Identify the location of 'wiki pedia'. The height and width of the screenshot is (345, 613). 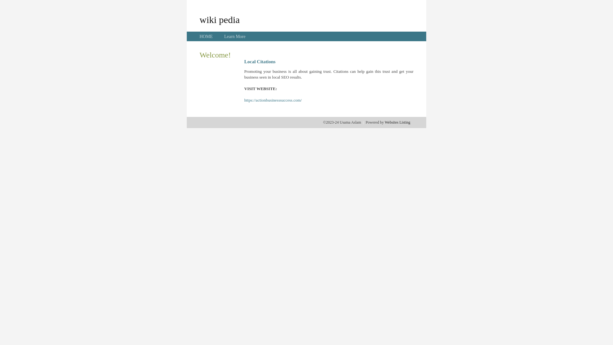
(219, 19).